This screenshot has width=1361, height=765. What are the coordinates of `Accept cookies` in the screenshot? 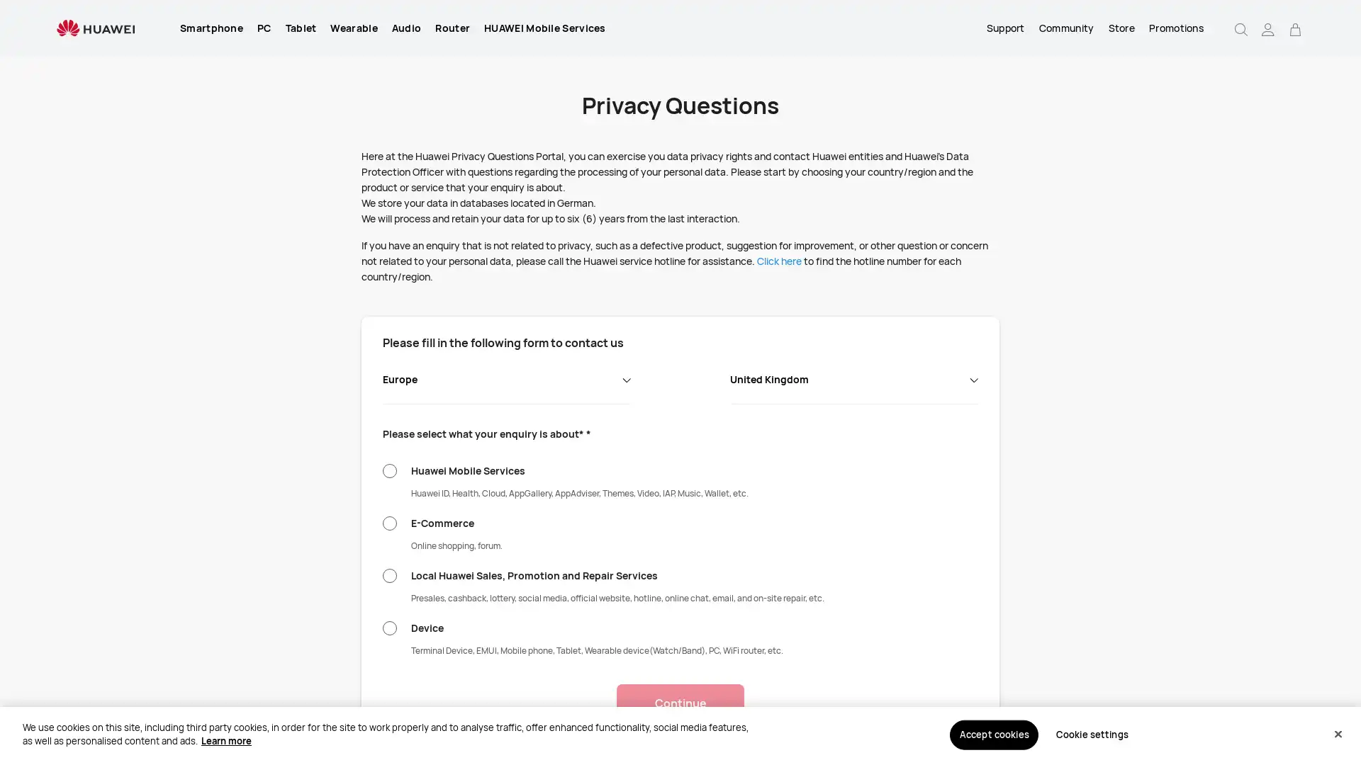 It's located at (993, 734).